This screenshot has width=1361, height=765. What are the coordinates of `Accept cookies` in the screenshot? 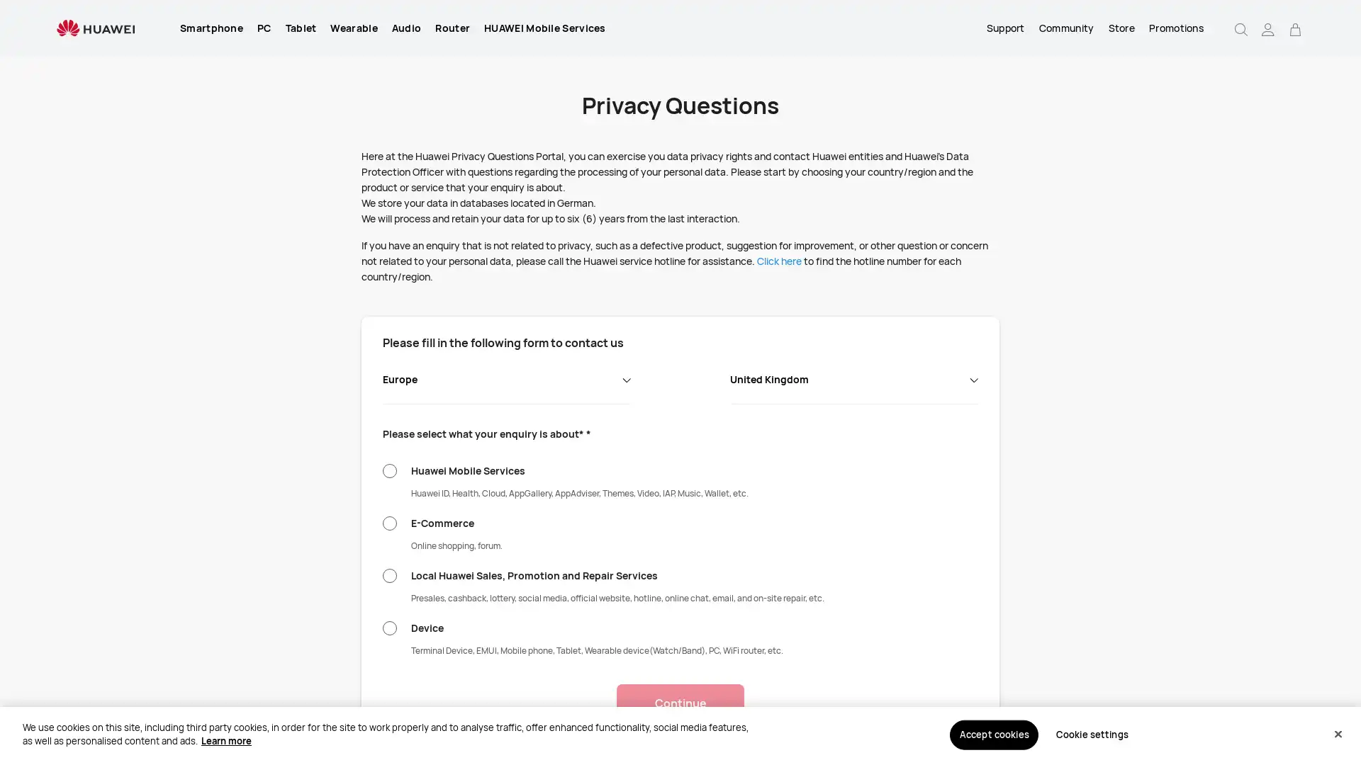 It's located at (993, 734).